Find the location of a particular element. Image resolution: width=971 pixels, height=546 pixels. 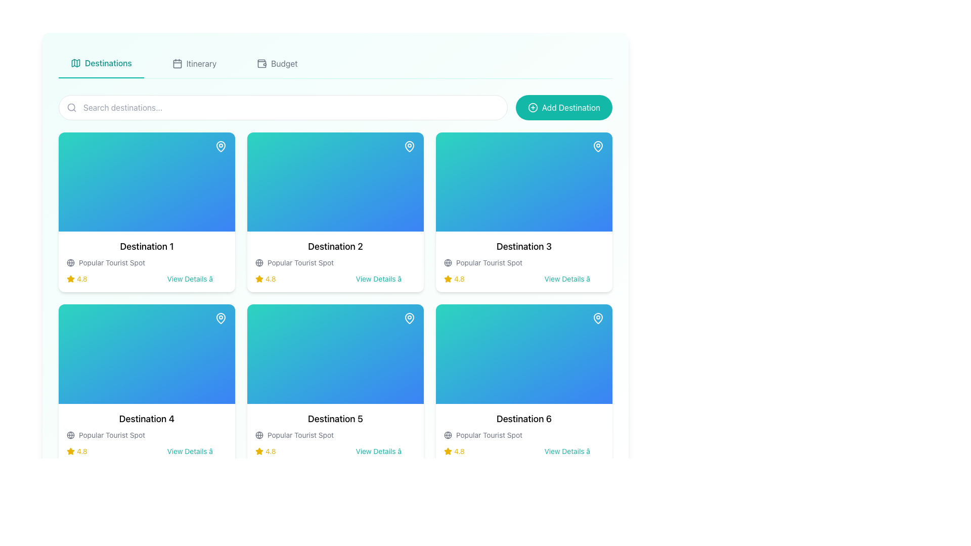

the circular icon component styled as a plus sign, located within the 'Add Destination' green button at the top-right corner of the interface is located at coordinates (532, 107).